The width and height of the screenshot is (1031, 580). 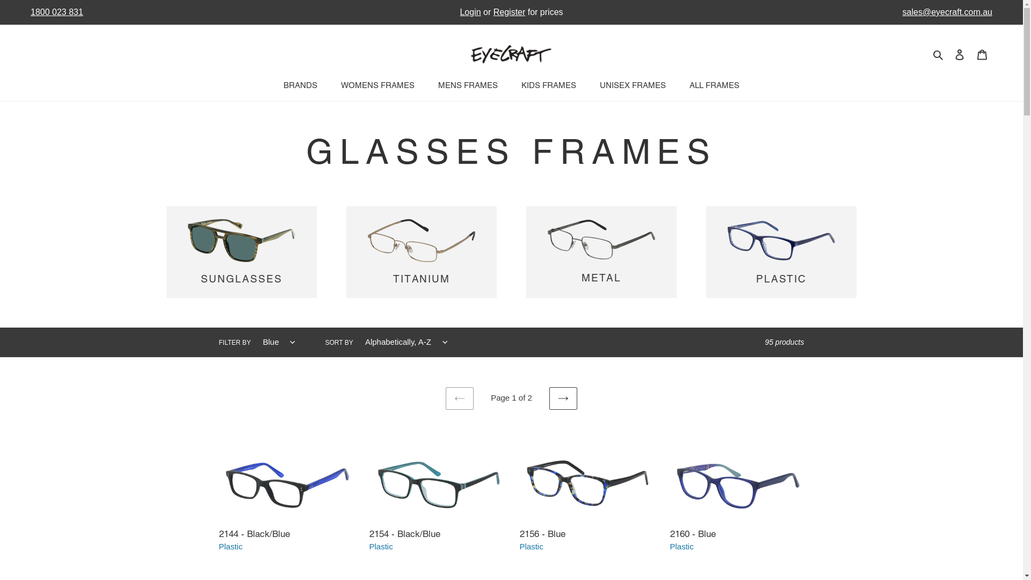 I want to click on 'Search', so click(x=938, y=54).